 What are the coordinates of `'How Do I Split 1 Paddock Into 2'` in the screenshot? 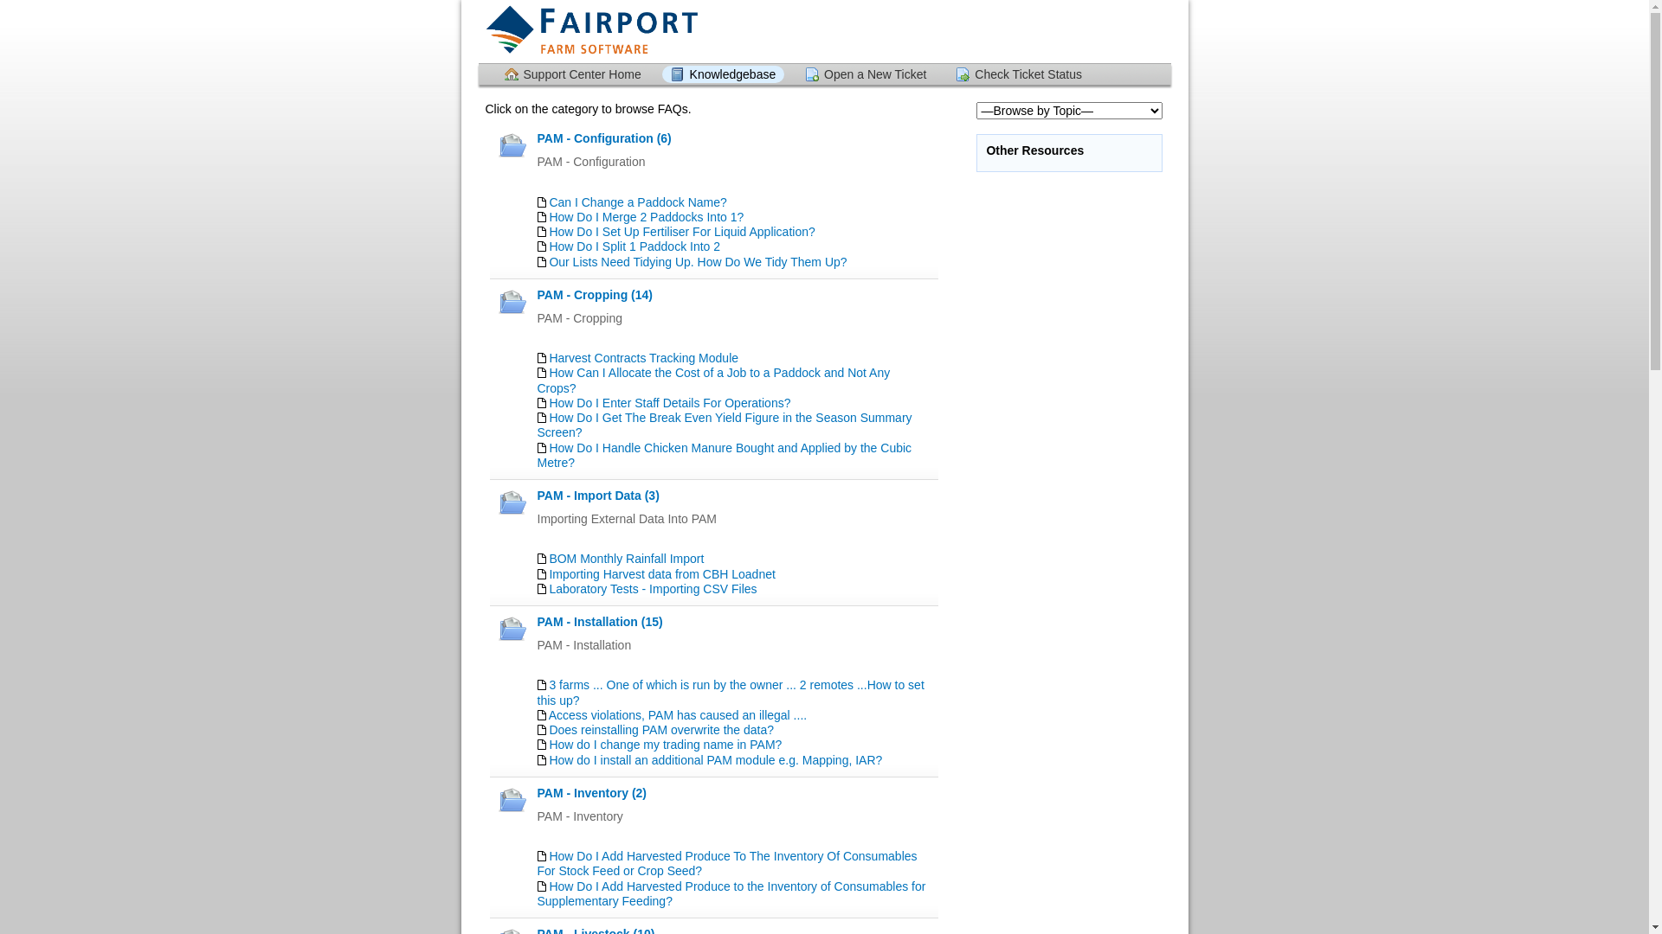 It's located at (634, 246).